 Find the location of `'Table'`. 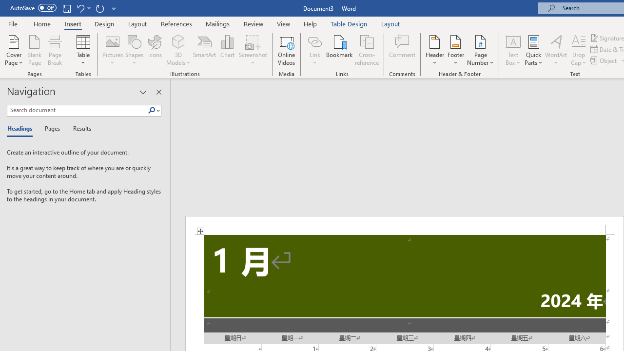

'Table' is located at coordinates (83, 50).